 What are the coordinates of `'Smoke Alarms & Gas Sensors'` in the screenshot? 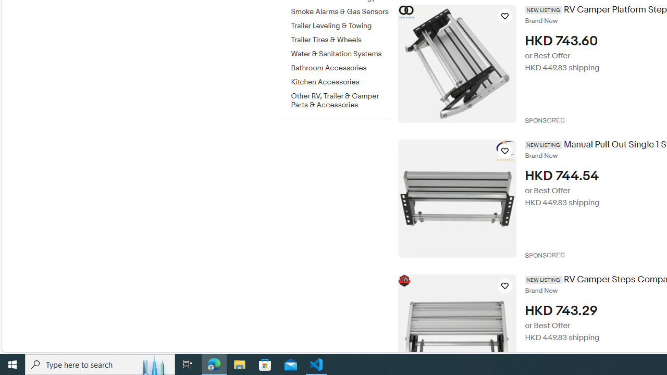 It's located at (340, 12).